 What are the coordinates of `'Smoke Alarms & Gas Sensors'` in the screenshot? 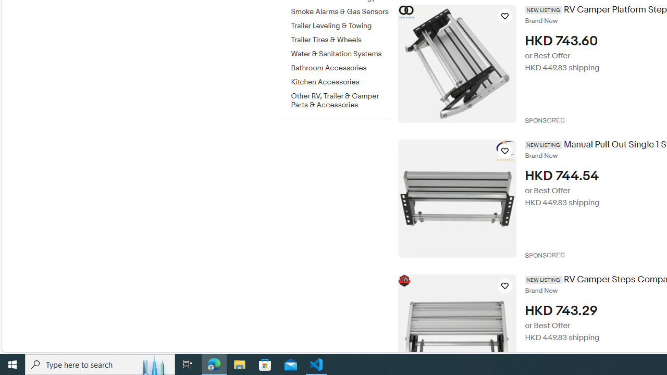 It's located at (340, 12).